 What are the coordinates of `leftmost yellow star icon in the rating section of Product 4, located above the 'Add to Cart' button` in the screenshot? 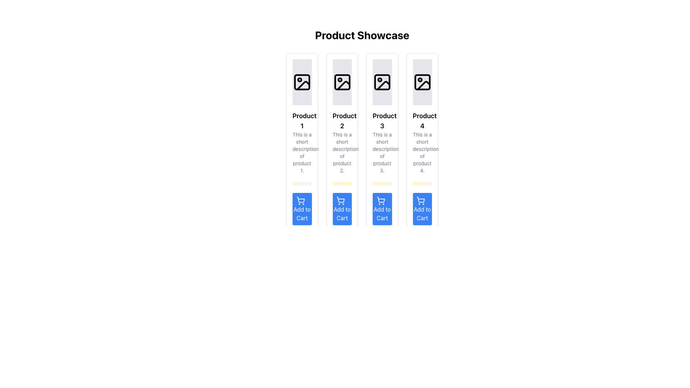 It's located at (426, 183).